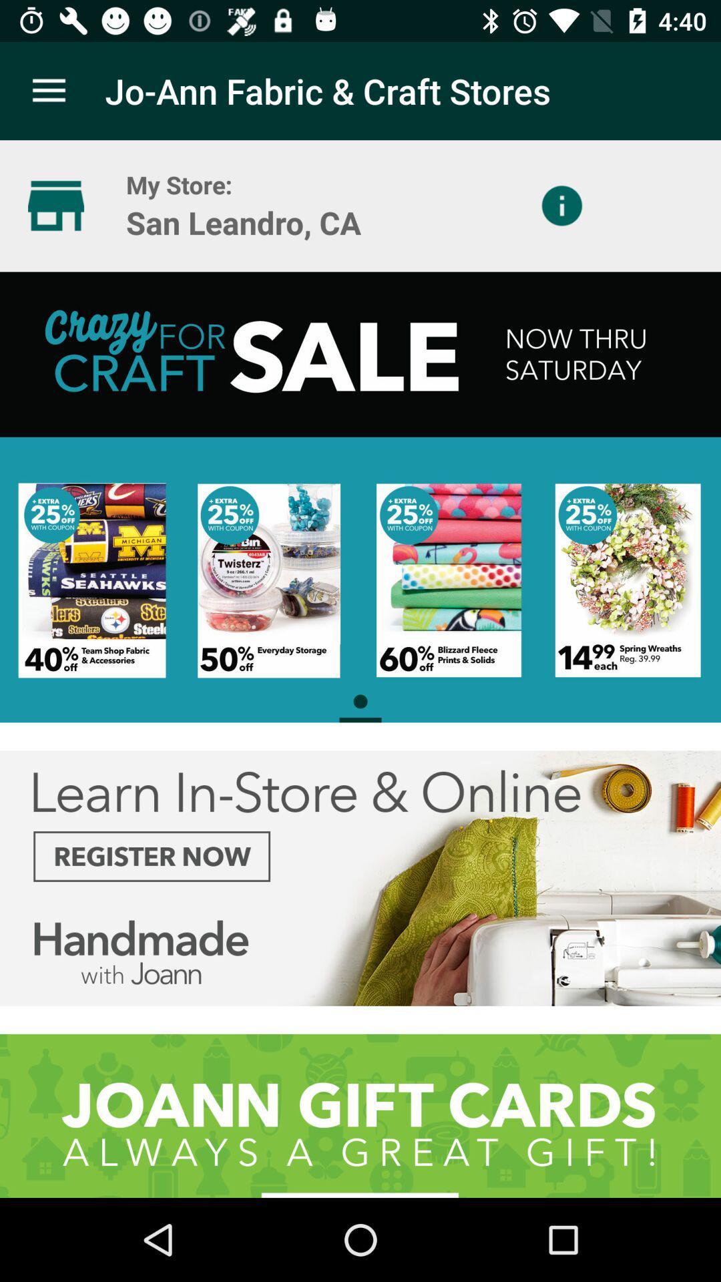 The image size is (721, 1282). Describe the element at coordinates (561, 205) in the screenshot. I see `item below jo ann fabric item` at that location.